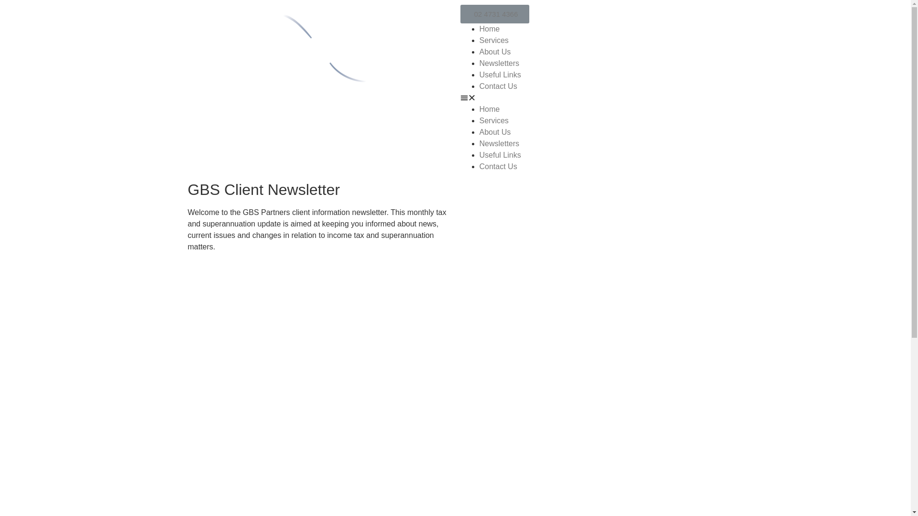  What do you see at coordinates (497, 86) in the screenshot?
I see `'Contact Us'` at bounding box center [497, 86].